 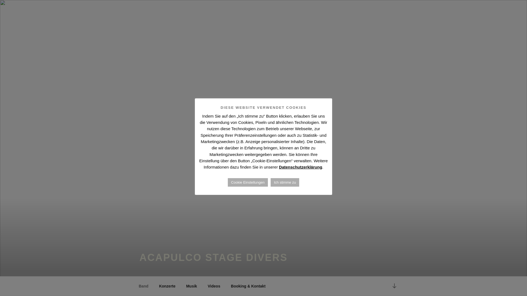 What do you see at coordinates (154, 286) in the screenshot?
I see `'Konzerte'` at bounding box center [154, 286].